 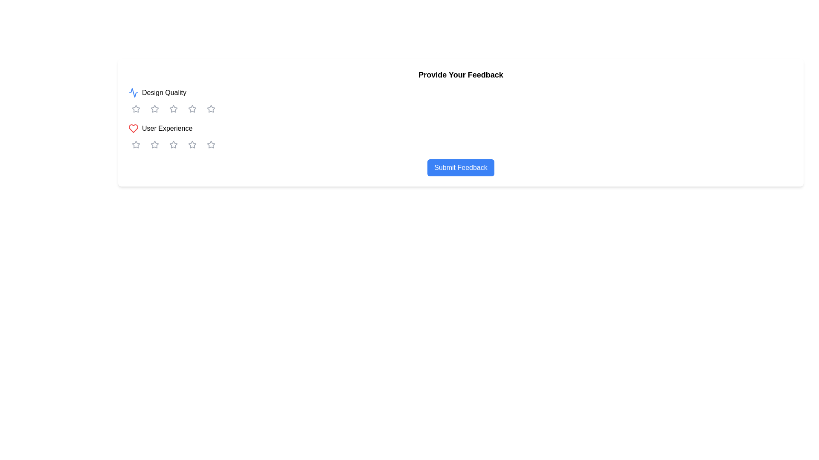 What do you see at coordinates (155, 144) in the screenshot?
I see `the second star in the 'User Experience' rating row` at bounding box center [155, 144].